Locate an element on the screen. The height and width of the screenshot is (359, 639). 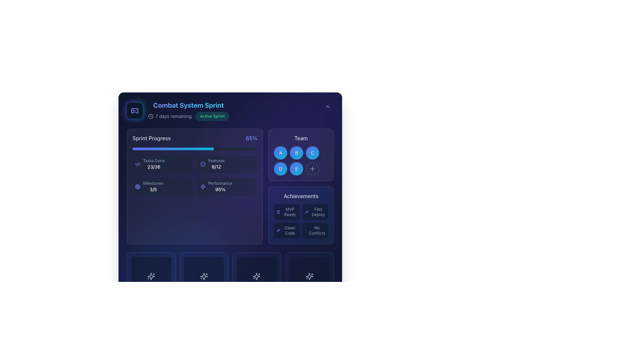
the progress text displaying '3 out of 5' located in the 'Milestones' section, directly below the 'Milestones' title in the 'Sprint Progress' area is located at coordinates (153, 189).